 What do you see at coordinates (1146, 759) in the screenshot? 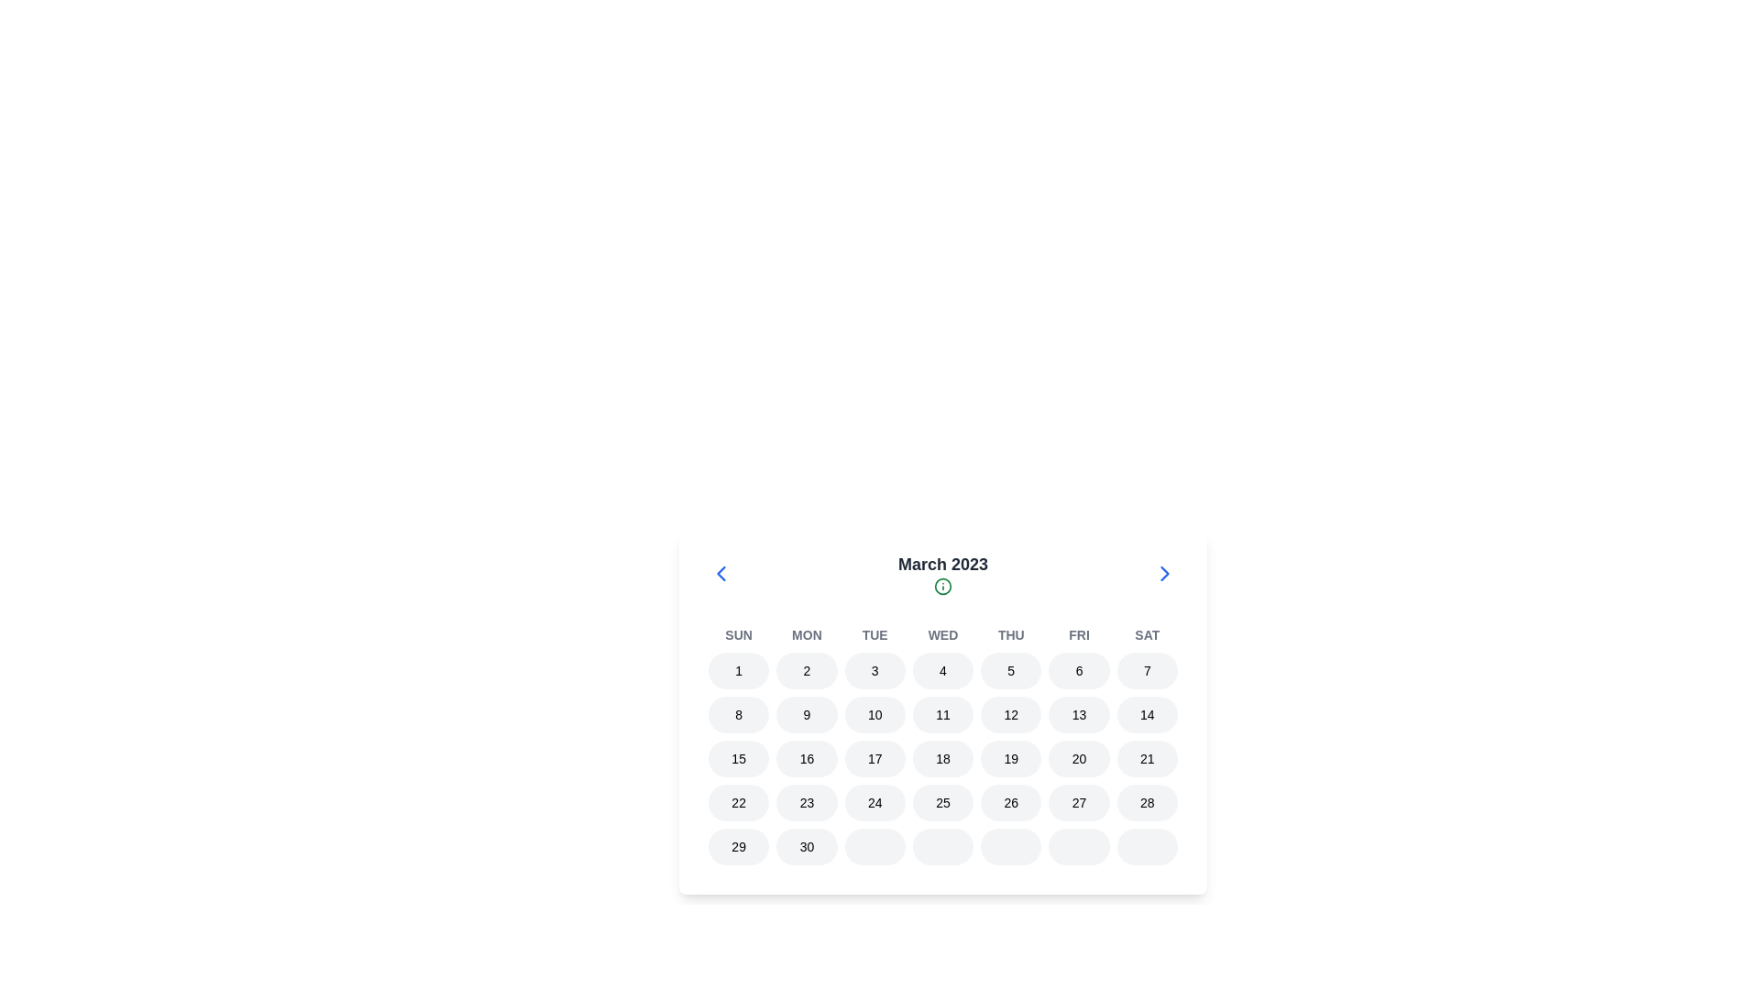
I see `the circular date button labeled '21' located in the fourth row and seventh column of the calendar grid` at bounding box center [1146, 759].